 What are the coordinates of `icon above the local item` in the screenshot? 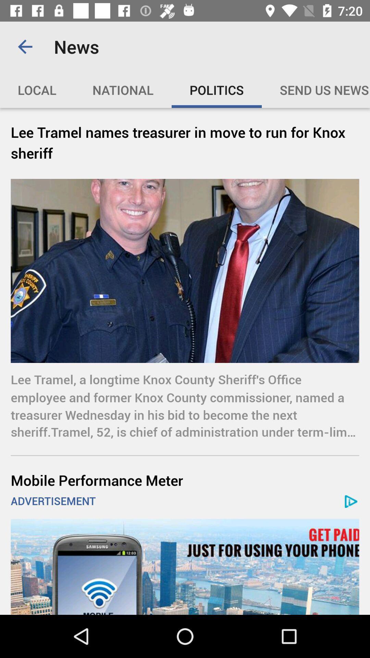 It's located at (25, 46).